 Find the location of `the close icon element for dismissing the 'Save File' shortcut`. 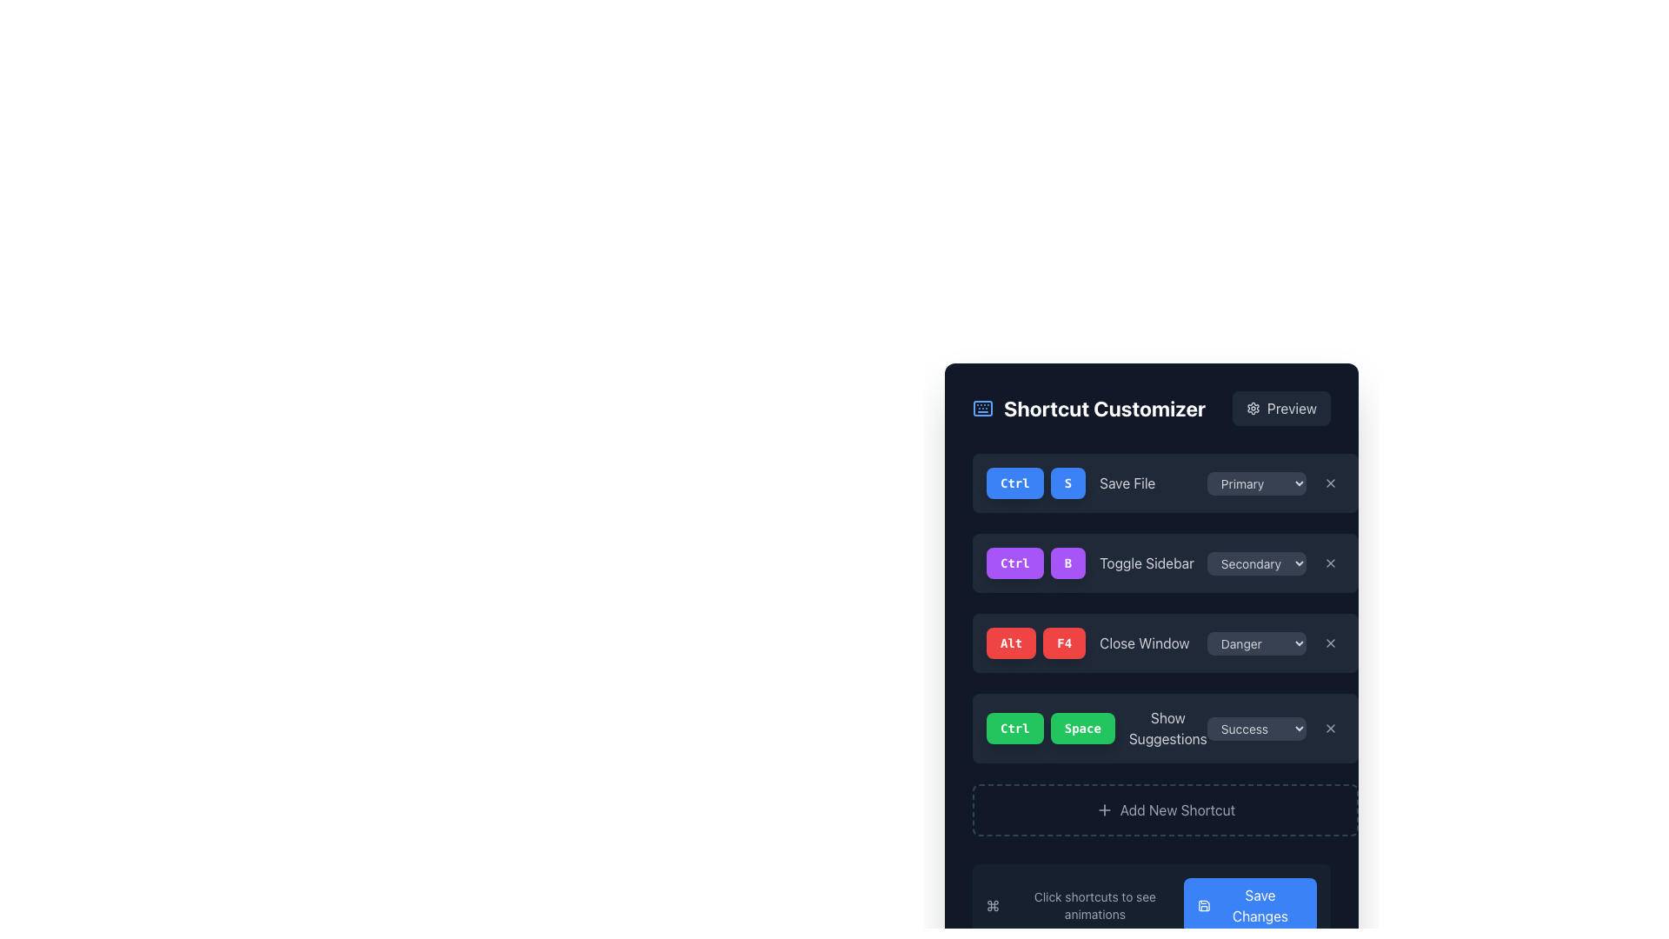

the close icon element for dismissing the 'Save File' shortcut is located at coordinates (1329, 483).